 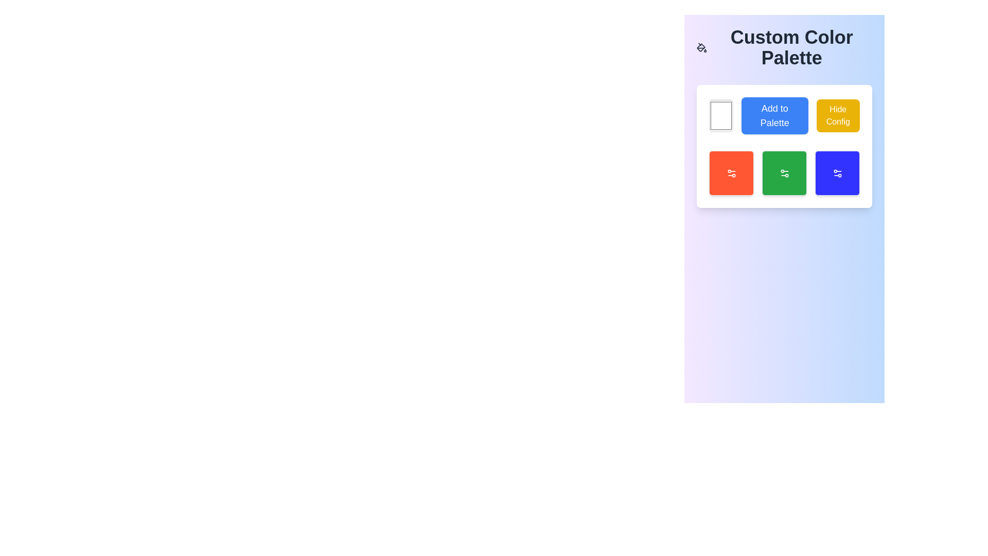 What do you see at coordinates (701, 47) in the screenshot?
I see `the SVG graphic icon located in the header section of the 'Custom Color Palette' panel, positioned on the left side adjacent to the title text` at bounding box center [701, 47].